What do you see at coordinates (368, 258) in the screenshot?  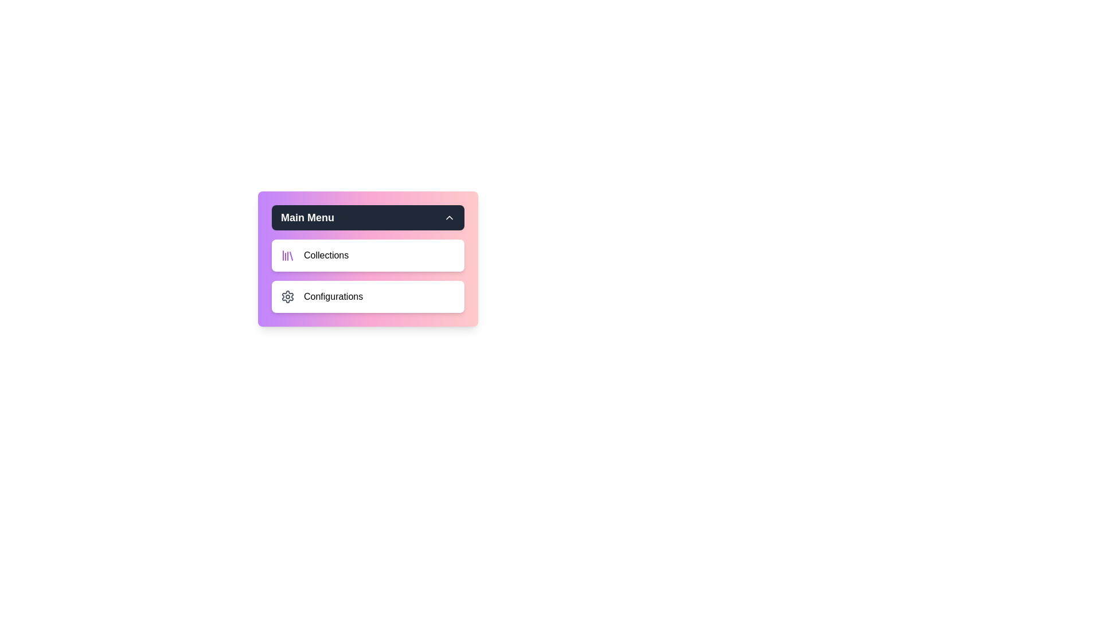 I see `the Navigational menu with a gradient background that includes the 'Collections' and 'Configurations' sections` at bounding box center [368, 258].